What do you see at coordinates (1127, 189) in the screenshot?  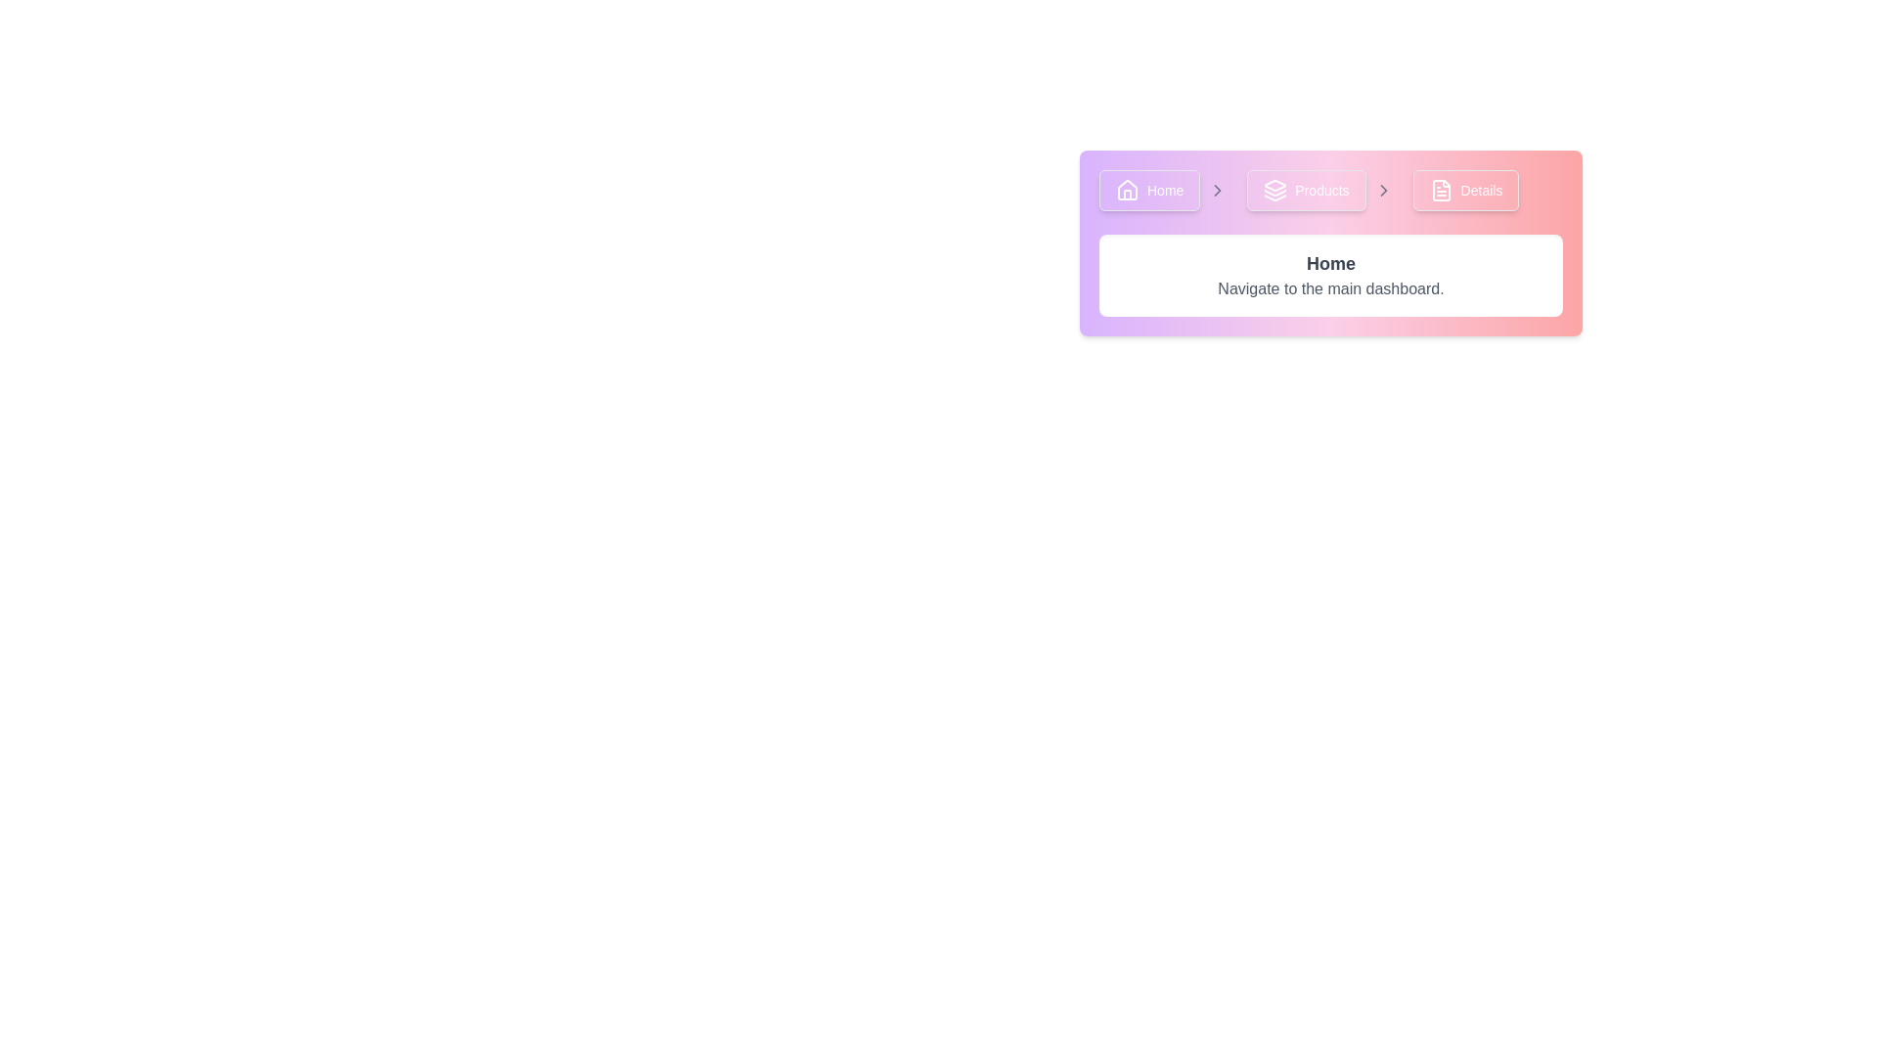 I see `the 'Home' breadcrumb icon located in the navigation bar, which is the first icon preceding the text 'Home'` at bounding box center [1127, 189].